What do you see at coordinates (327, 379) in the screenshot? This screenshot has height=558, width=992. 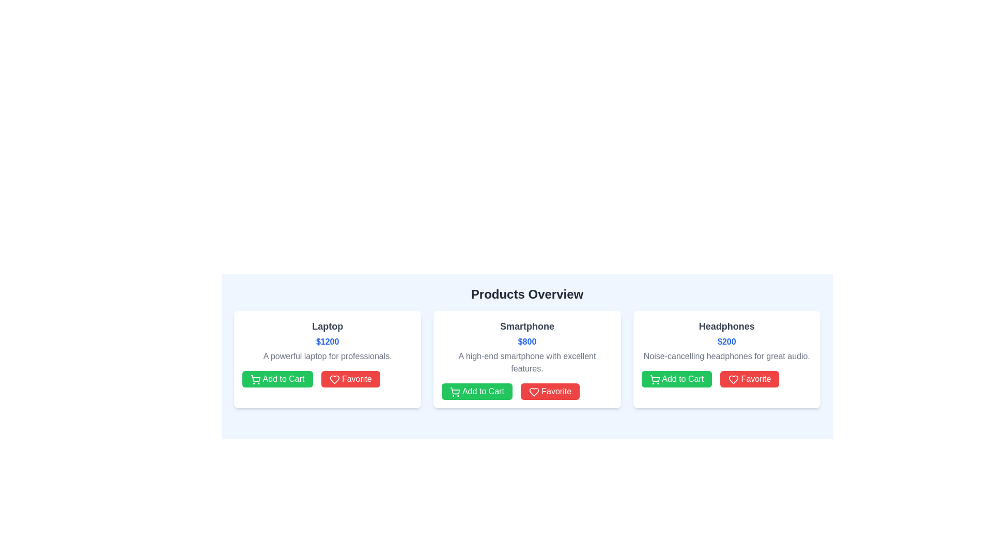 I see `the dual-button group at the bottom of the 'Laptop' product card in the 'Products Overview' section` at bounding box center [327, 379].